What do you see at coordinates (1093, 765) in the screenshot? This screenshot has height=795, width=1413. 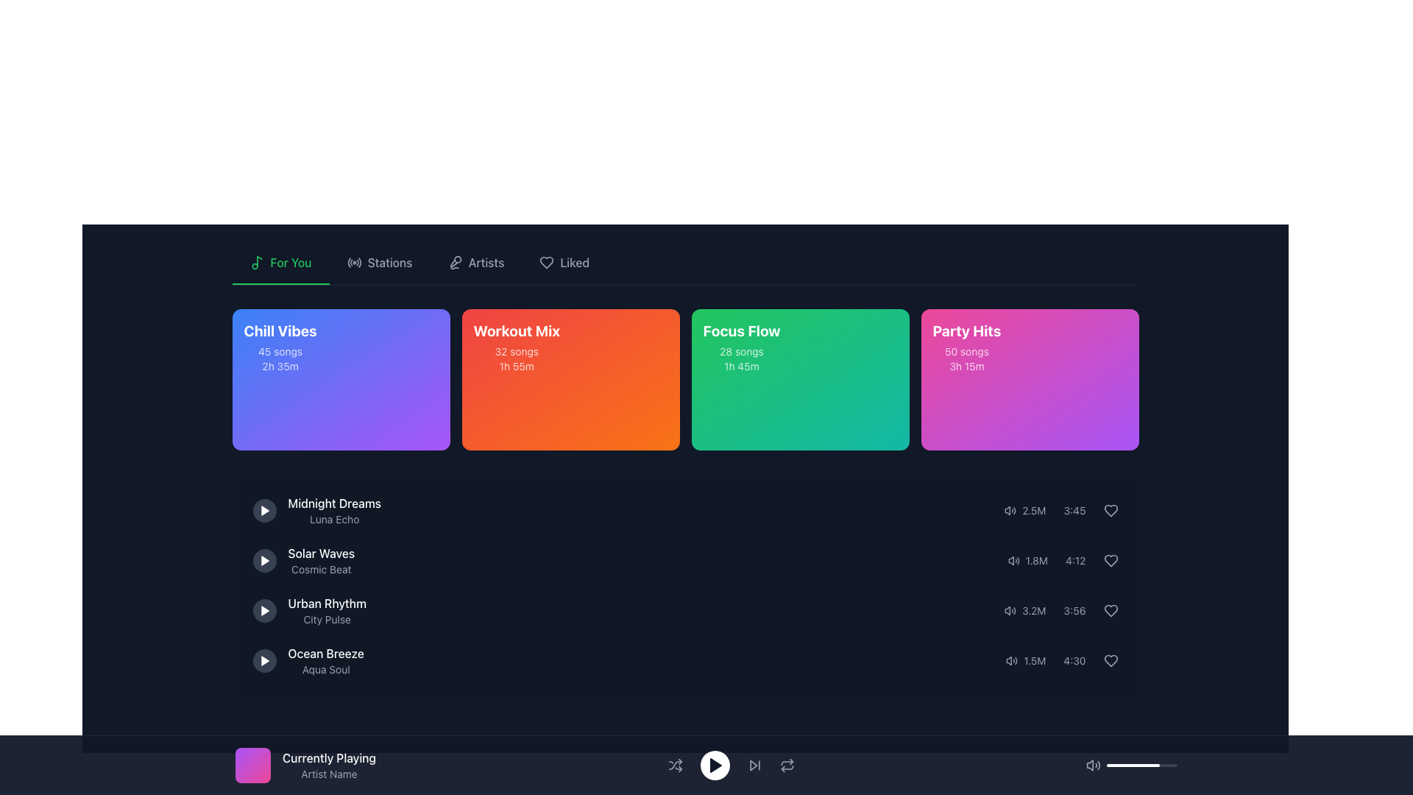 I see `the state of the volume icon located at the far left of the playback controls at the bottom center of the interface` at bounding box center [1093, 765].